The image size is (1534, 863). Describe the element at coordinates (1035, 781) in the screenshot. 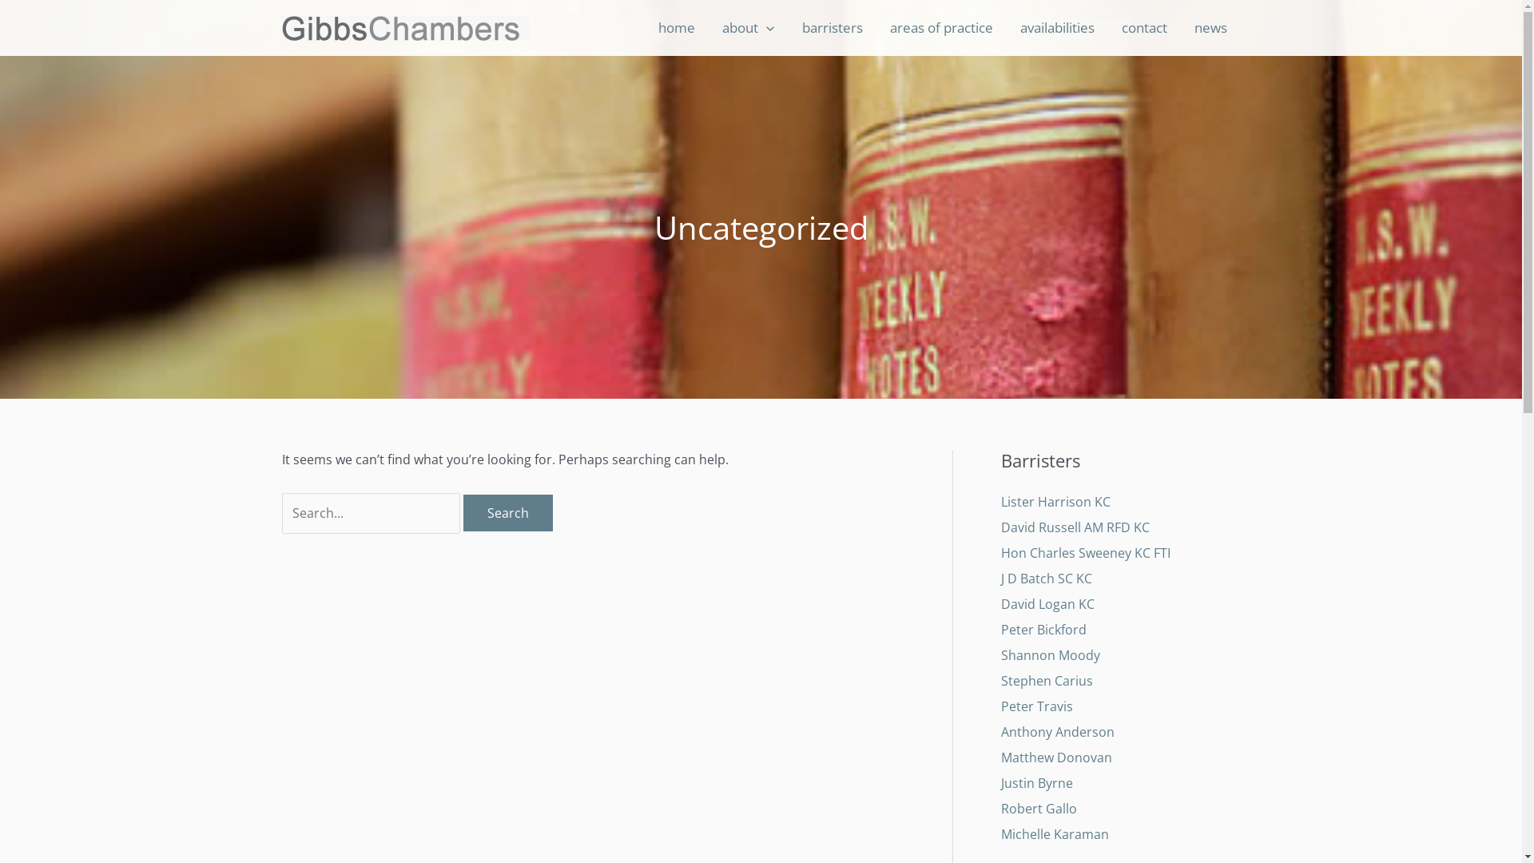

I see `'Justin Byrne'` at that location.